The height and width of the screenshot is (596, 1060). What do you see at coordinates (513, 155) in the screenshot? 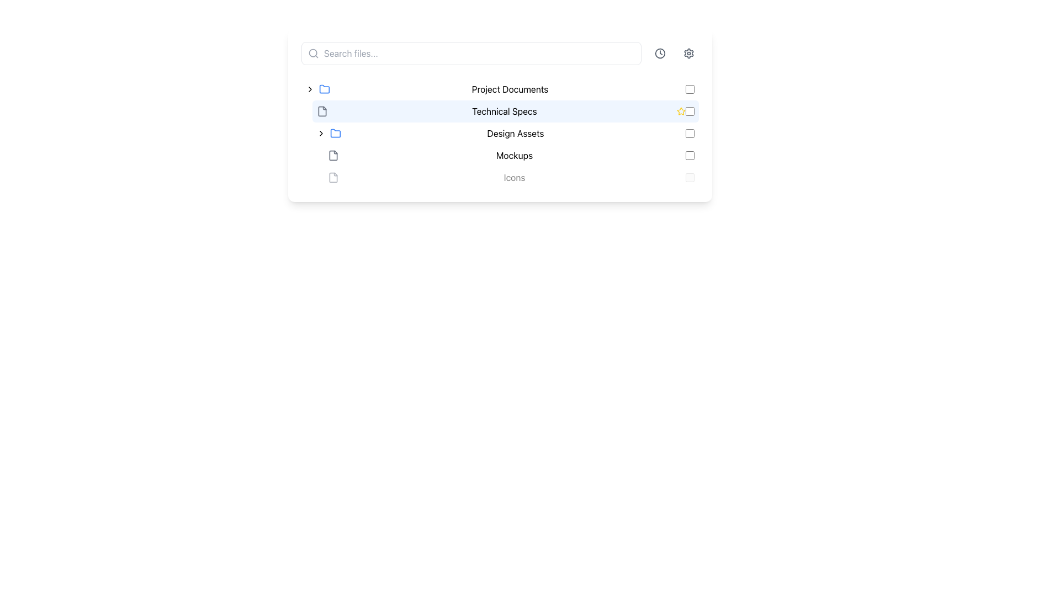
I see `on the text label displaying 'Mockups'` at bounding box center [513, 155].